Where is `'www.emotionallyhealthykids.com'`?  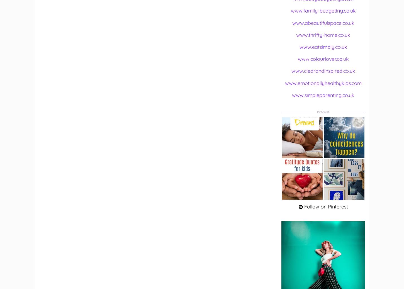 'www.emotionallyhealthykids.com' is located at coordinates (323, 82).